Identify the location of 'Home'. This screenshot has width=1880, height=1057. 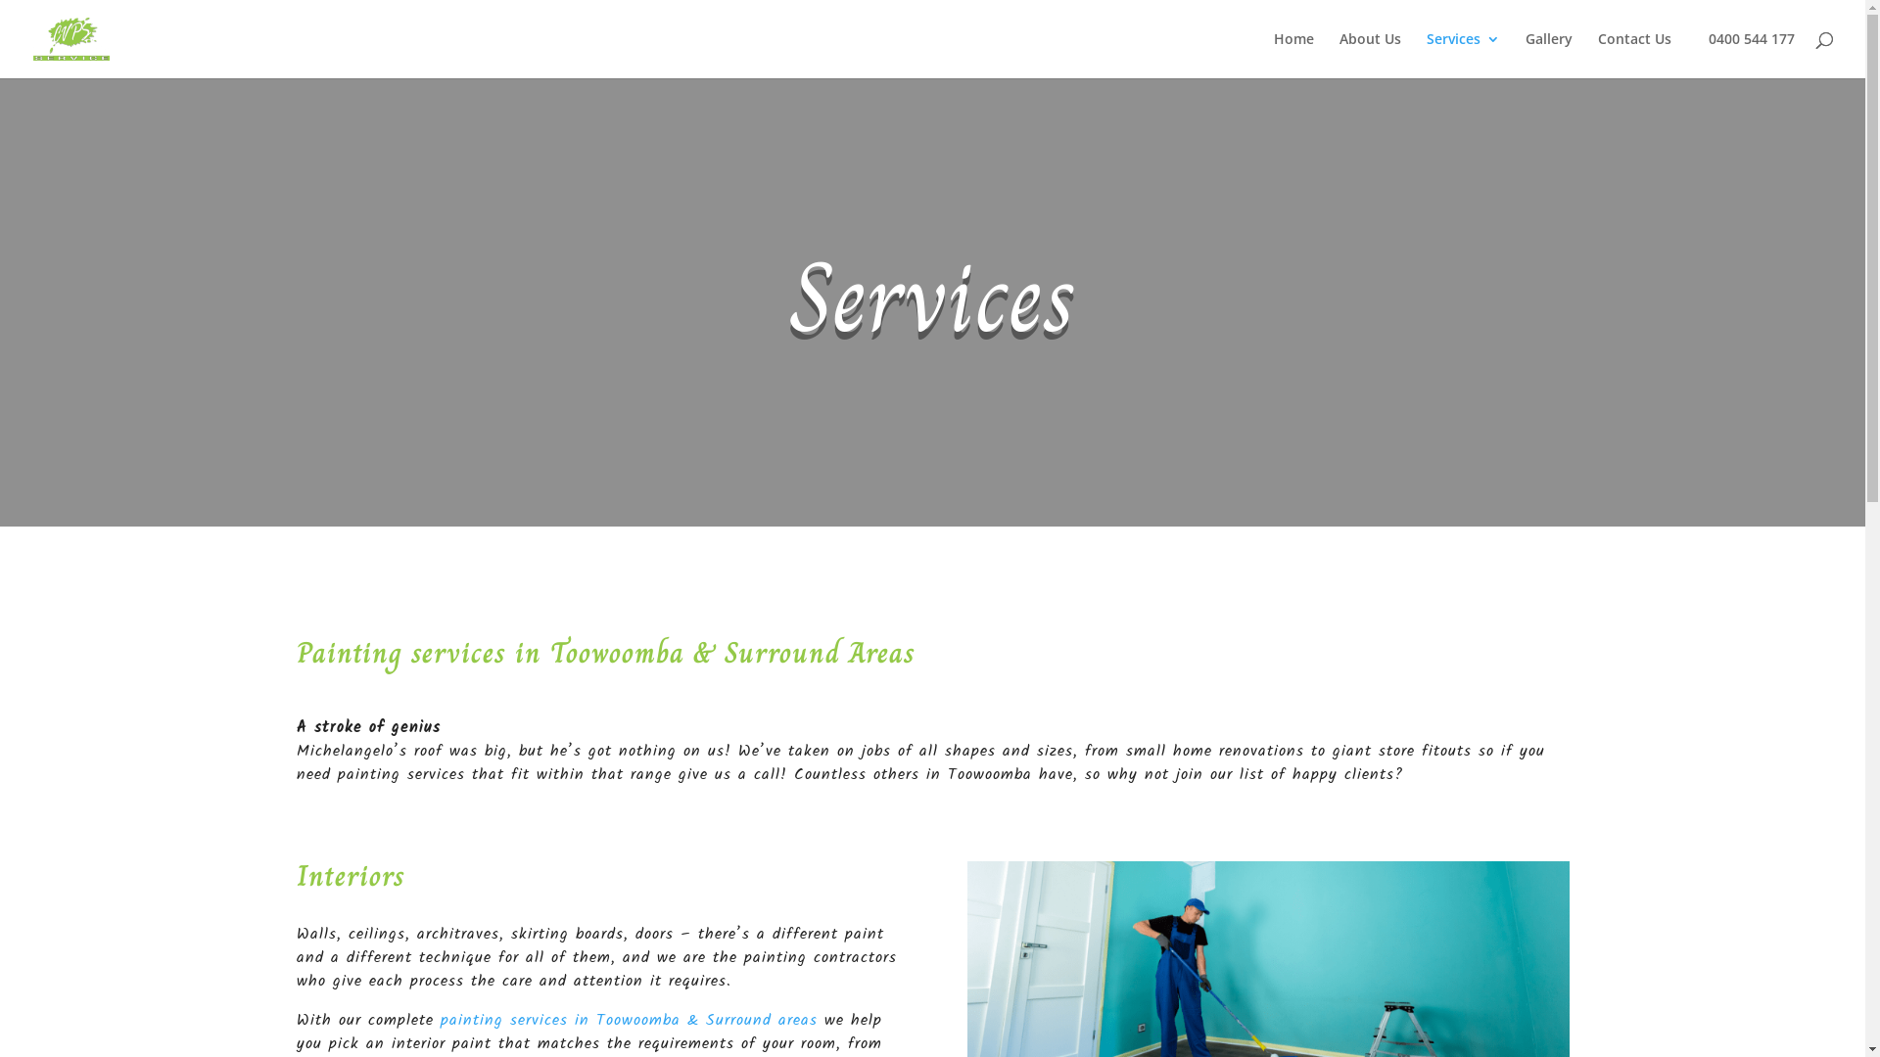
(1293, 54).